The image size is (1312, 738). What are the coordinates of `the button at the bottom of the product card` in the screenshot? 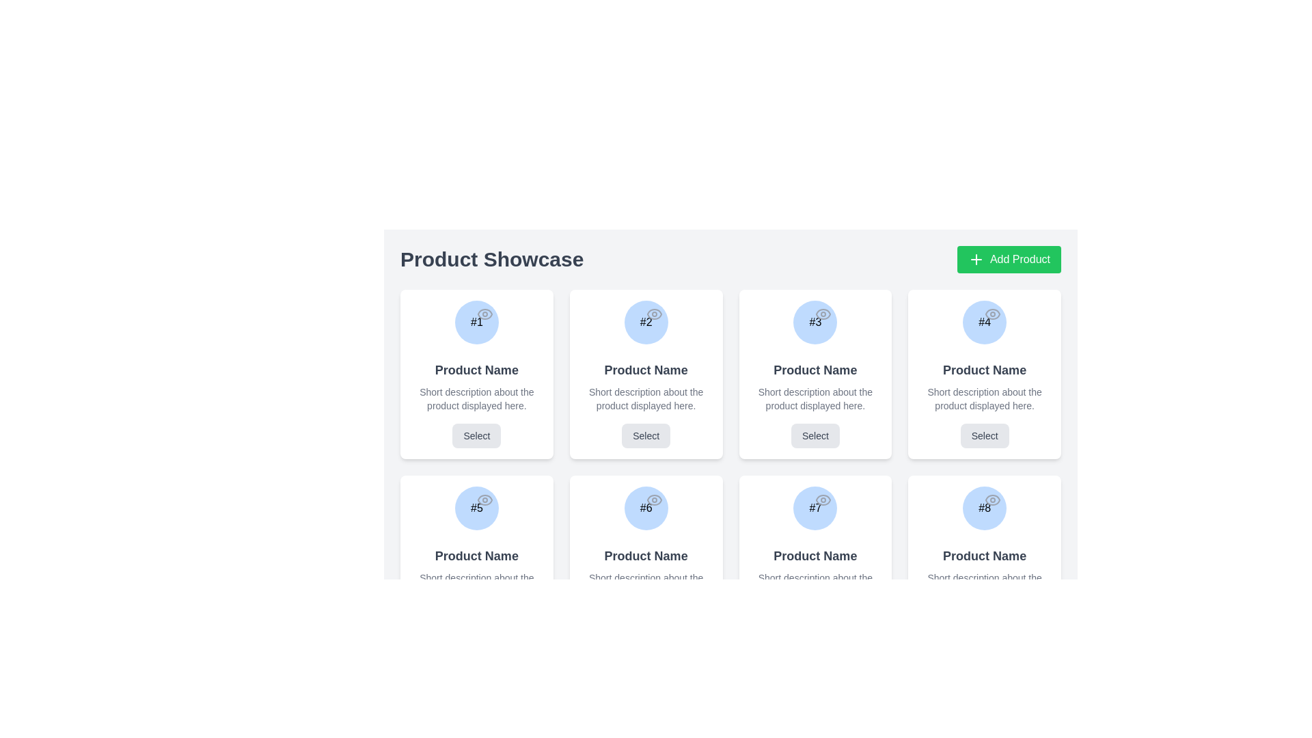 It's located at (476, 435).